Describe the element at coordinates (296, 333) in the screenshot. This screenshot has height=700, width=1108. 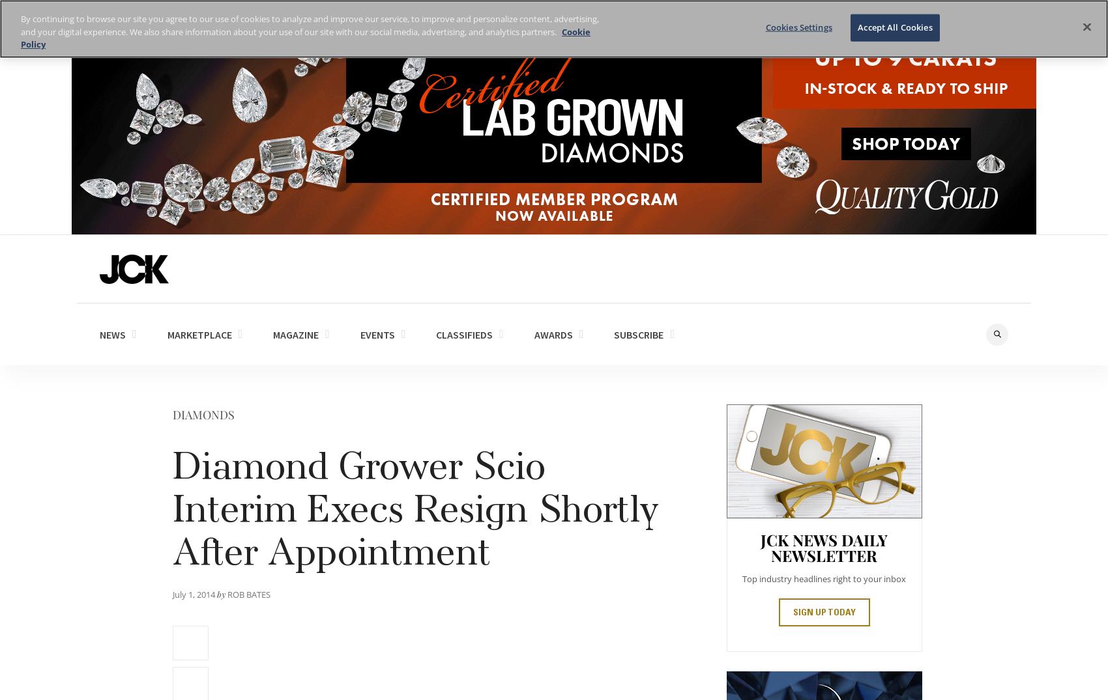
I see `'MAGAZINE'` at that location.